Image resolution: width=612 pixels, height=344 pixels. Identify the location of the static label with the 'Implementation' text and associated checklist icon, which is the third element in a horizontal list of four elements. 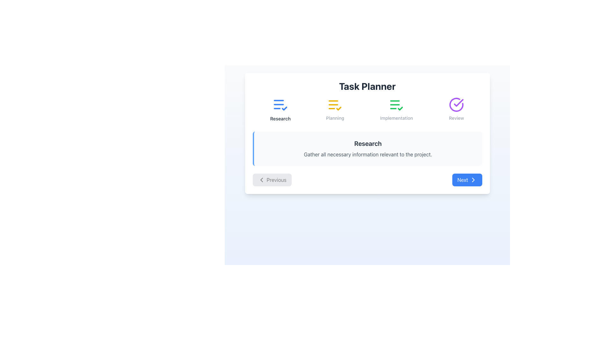
(396, 109).